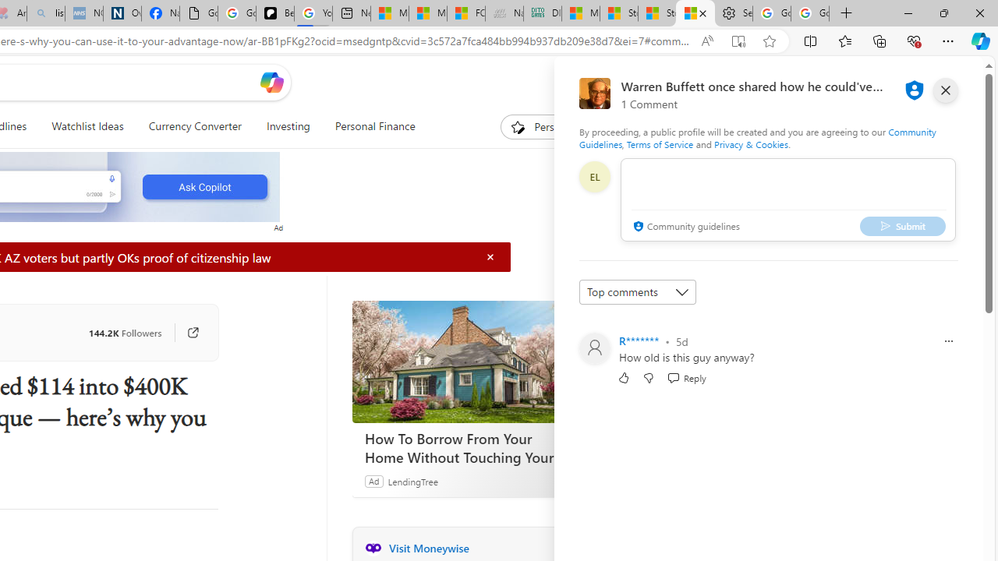 Image resolution: width=998 pixels, height=561 pixels. Describe the element at coordinates (543, 13) in the screenshot. I see `'DITOGAMES AG Imprint'` at that location.